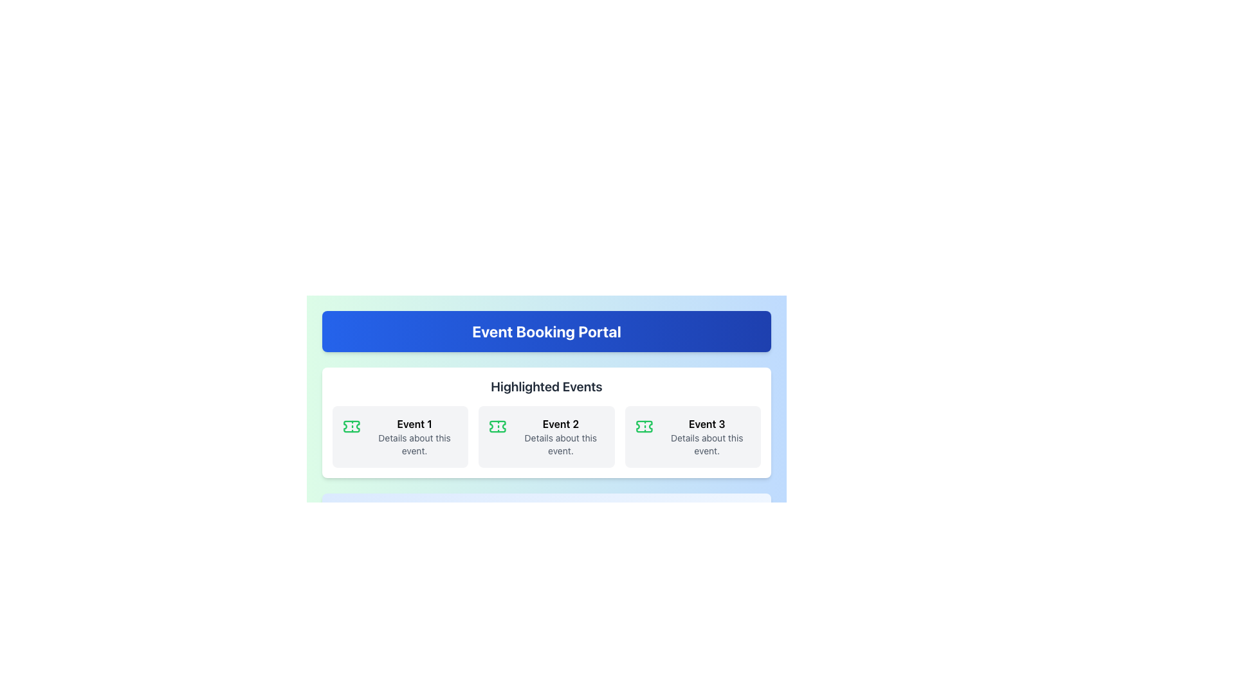 The width and height of the screenshot is (1235, 694). Describe the element at coordinates (560, 436) in the screenshot. I see `text content of the TextBlock displaying event details for 'Event 2', which is the second card in the 'Highlighted Events' section of the 'Event Booking Portal'` at that location.